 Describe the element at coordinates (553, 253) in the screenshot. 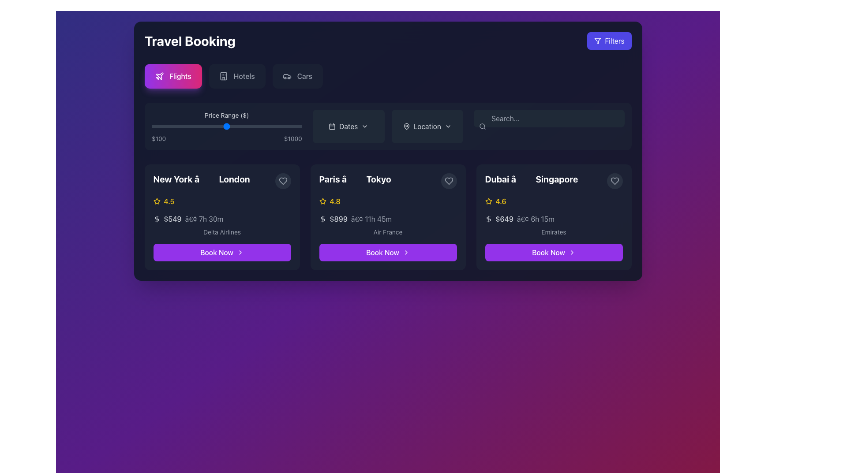

I see `the booking button located at the bottom of the Dubai to Singapore flight section to initiate the booking process` at that location.